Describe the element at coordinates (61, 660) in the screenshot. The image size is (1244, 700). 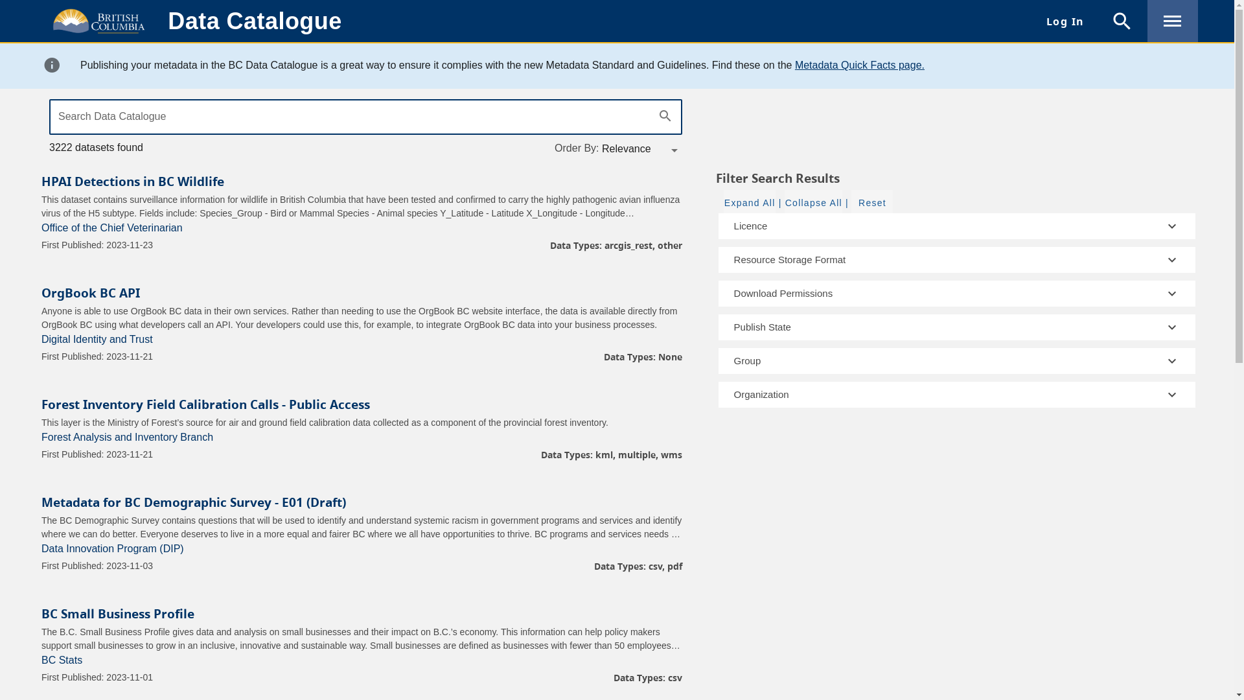
I see `'BC Stats'` at that location.